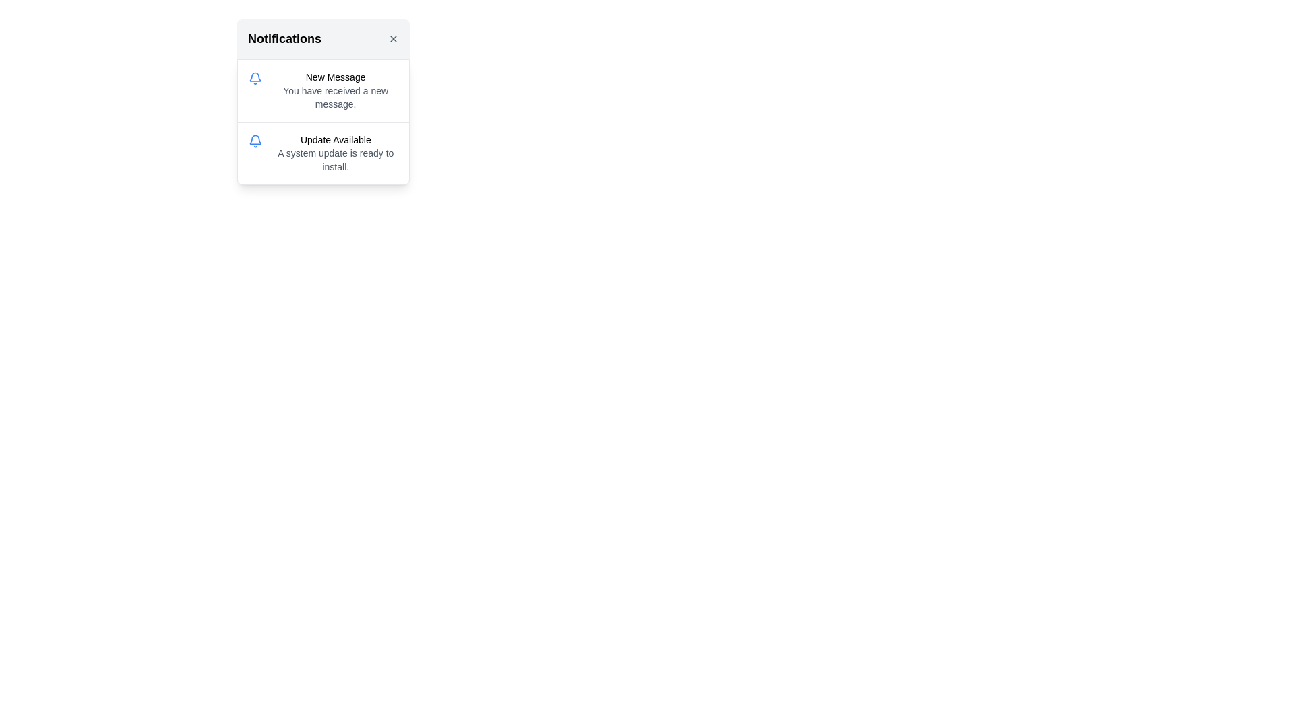 The height and width of the screenshot is (727, 1294). What do you see at coordinates (323, 152) in the screenshot?
I see `the second notification in the list, which indicates that a system update is ready to install, to get additional details` at bounding box center [323, 152].